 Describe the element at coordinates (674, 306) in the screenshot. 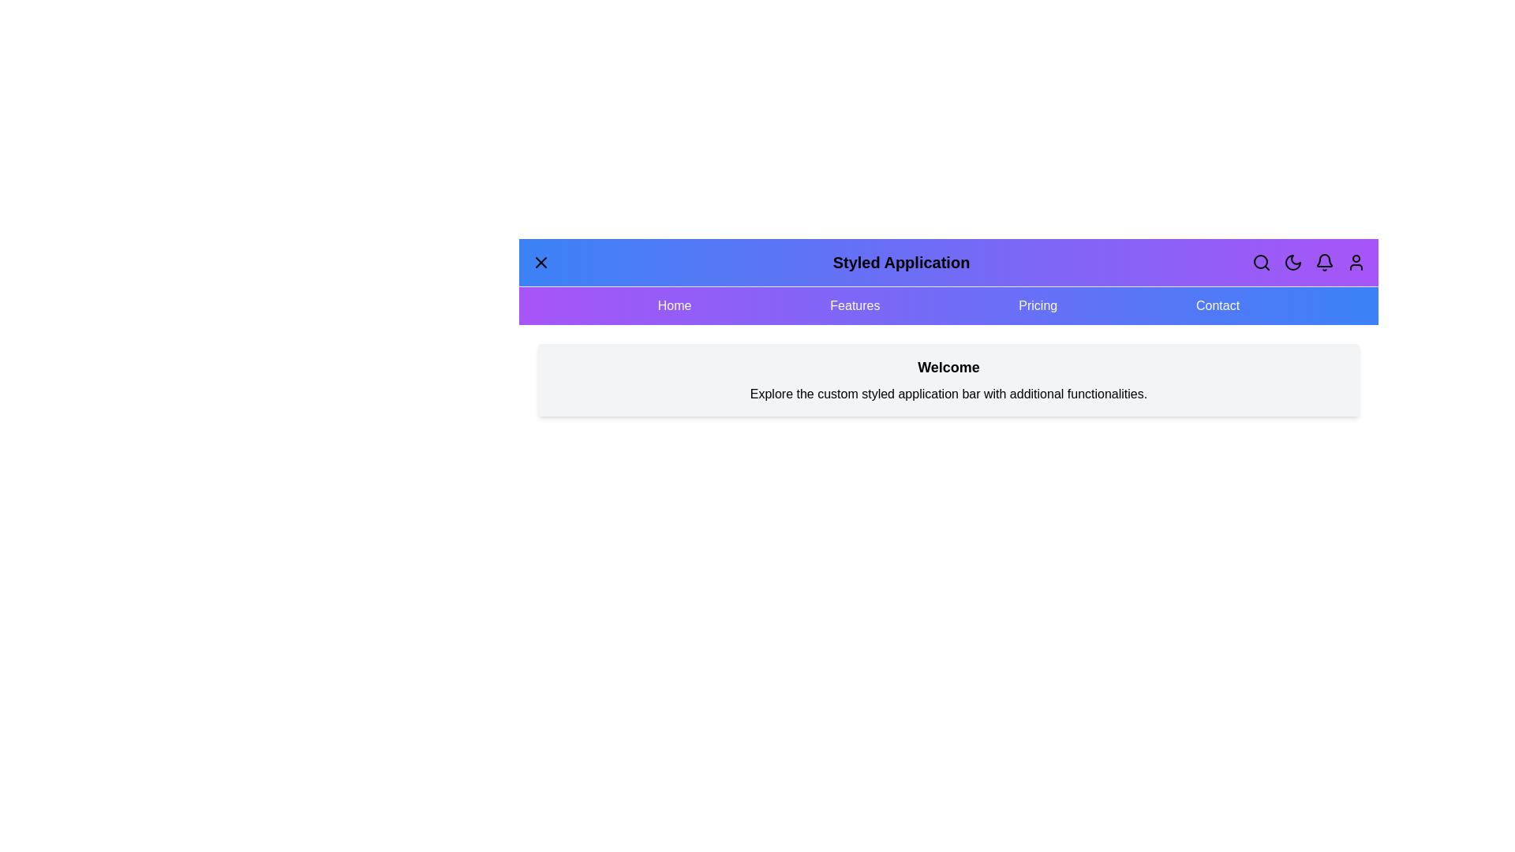

I see `the Home button to navigate to the respective section` at that location.